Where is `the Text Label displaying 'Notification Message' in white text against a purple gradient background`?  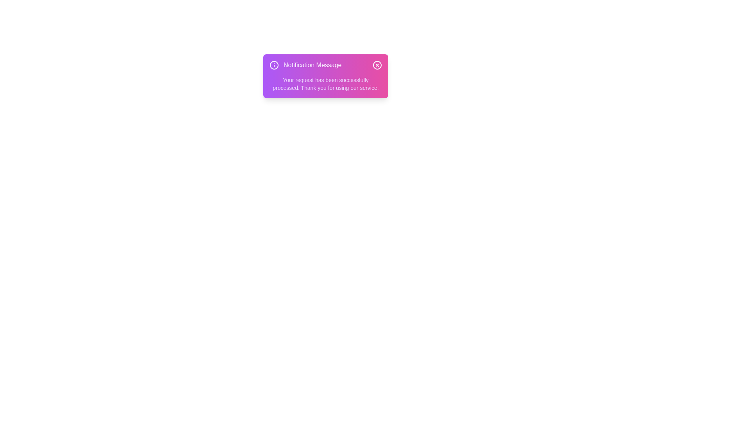 the Text Label displaying 'Notification Message' in white text against a purple gradient background is located at coordinates (312, 64).